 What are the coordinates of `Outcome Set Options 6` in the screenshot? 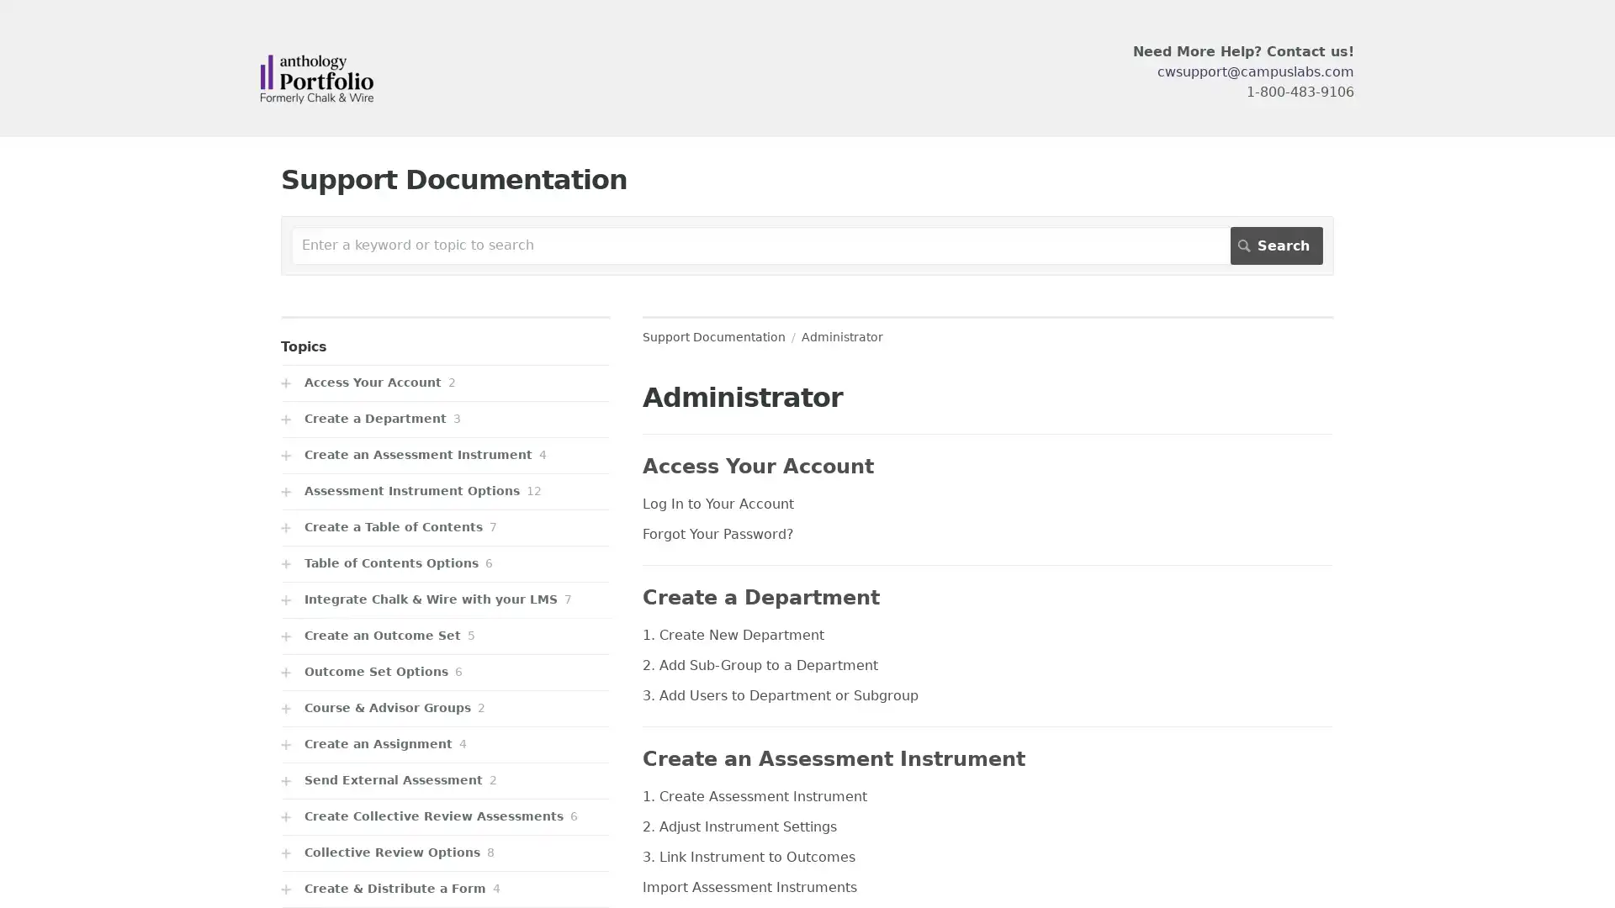 It's located at (445, 671).